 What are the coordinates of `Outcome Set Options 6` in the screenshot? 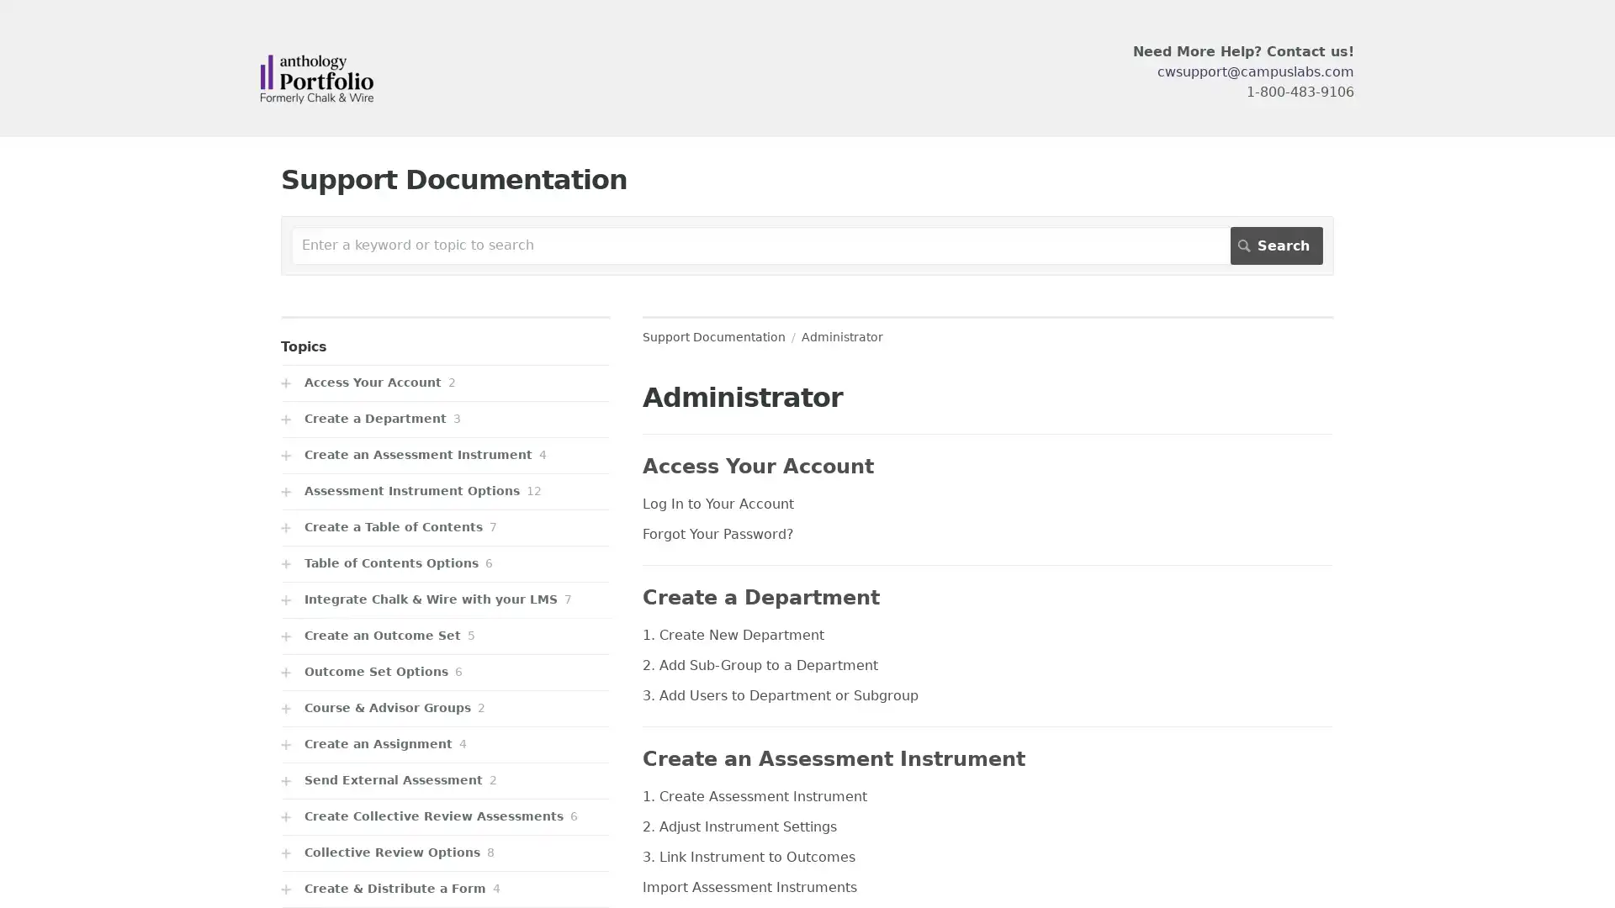 It's located at (445, 671).